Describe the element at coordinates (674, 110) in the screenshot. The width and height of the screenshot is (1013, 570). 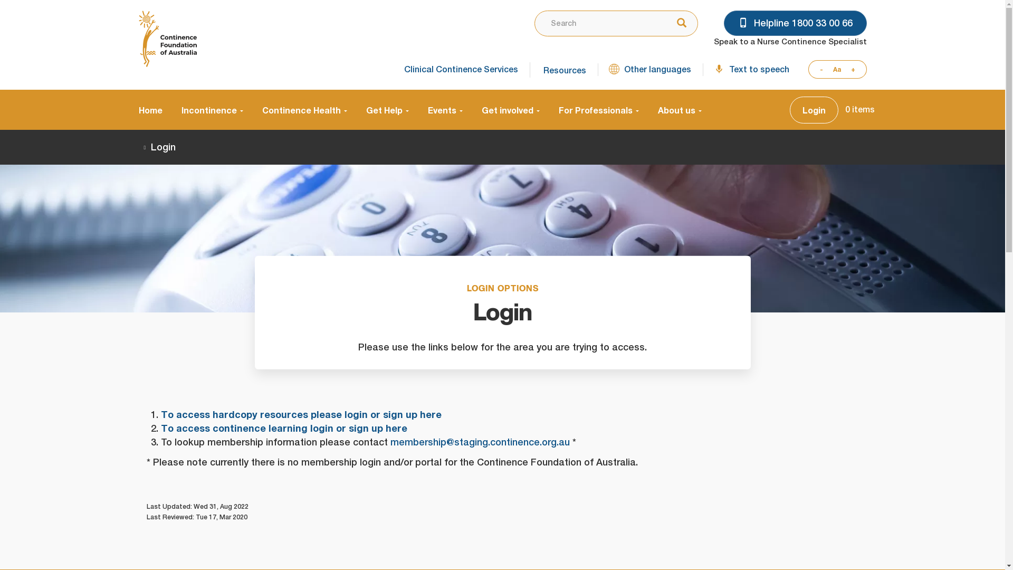
I see `'About us'` at that location.